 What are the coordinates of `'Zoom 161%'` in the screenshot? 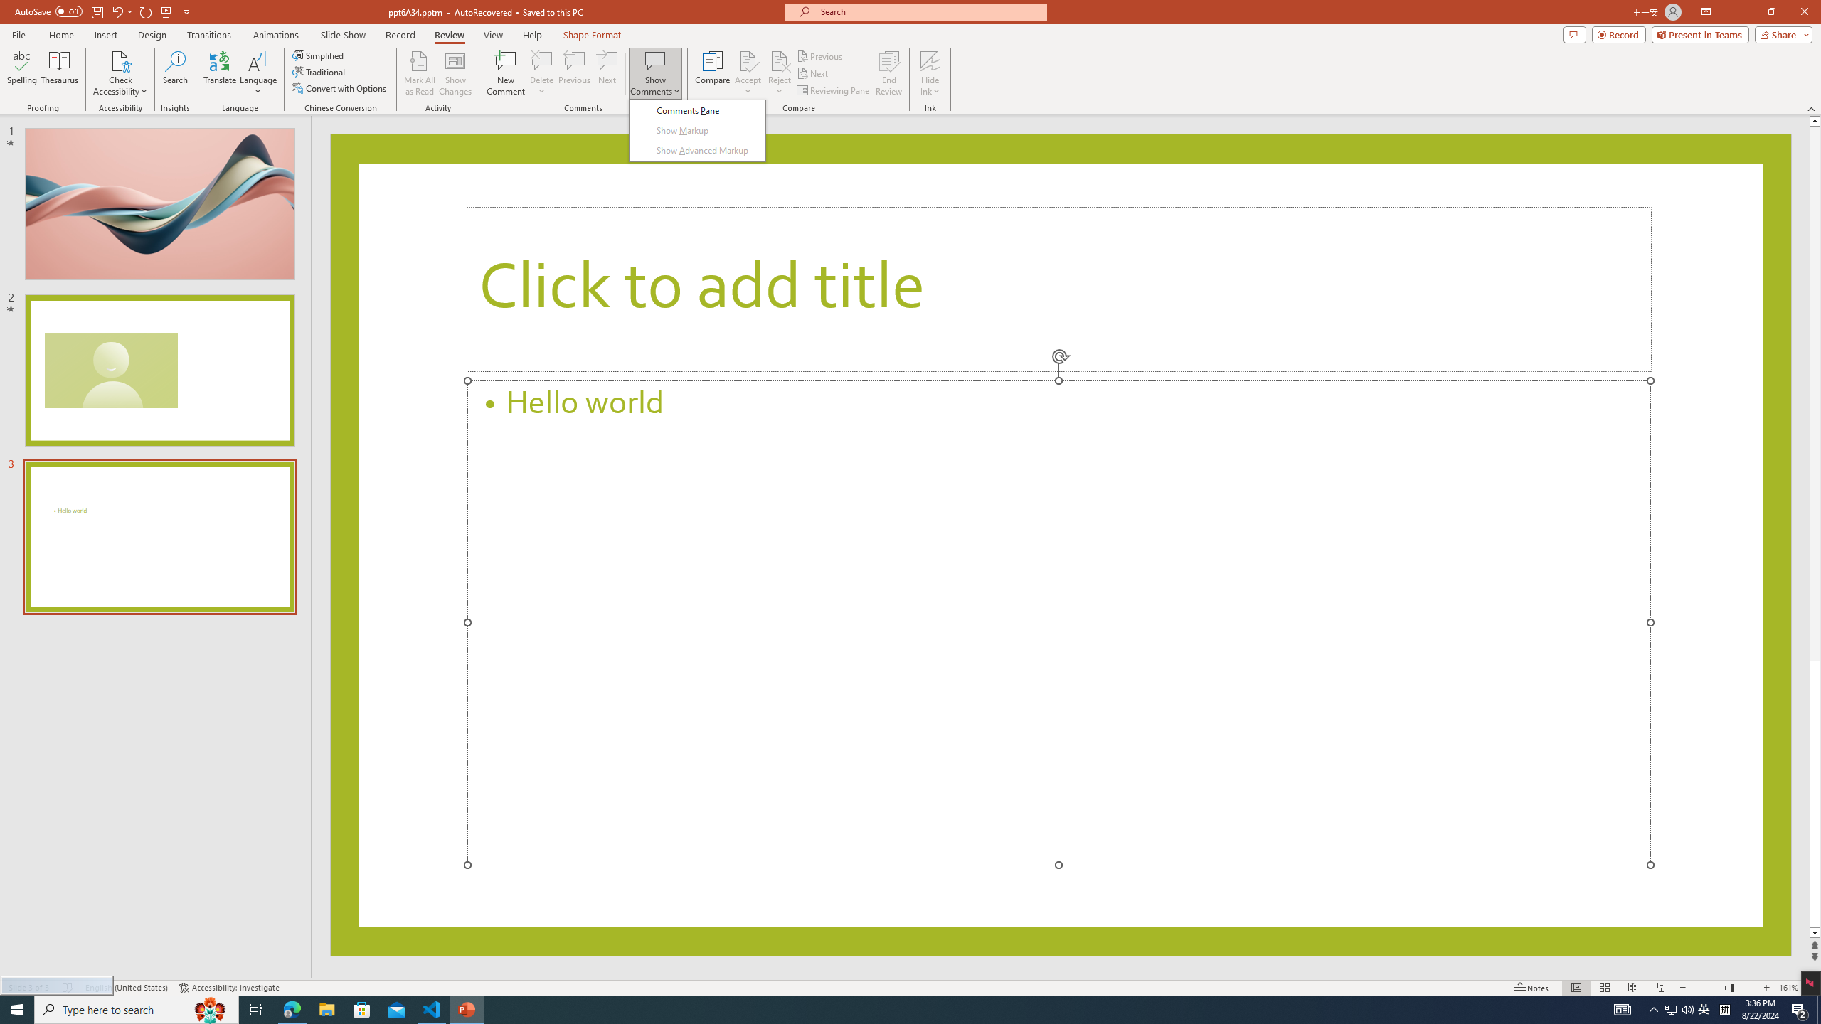 It's located at (1789, 988).